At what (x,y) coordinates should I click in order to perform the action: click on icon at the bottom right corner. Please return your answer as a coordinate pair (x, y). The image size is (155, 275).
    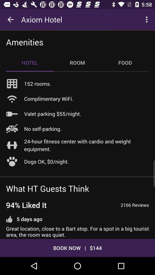
    Looking at the image, I should click on (135, 205).